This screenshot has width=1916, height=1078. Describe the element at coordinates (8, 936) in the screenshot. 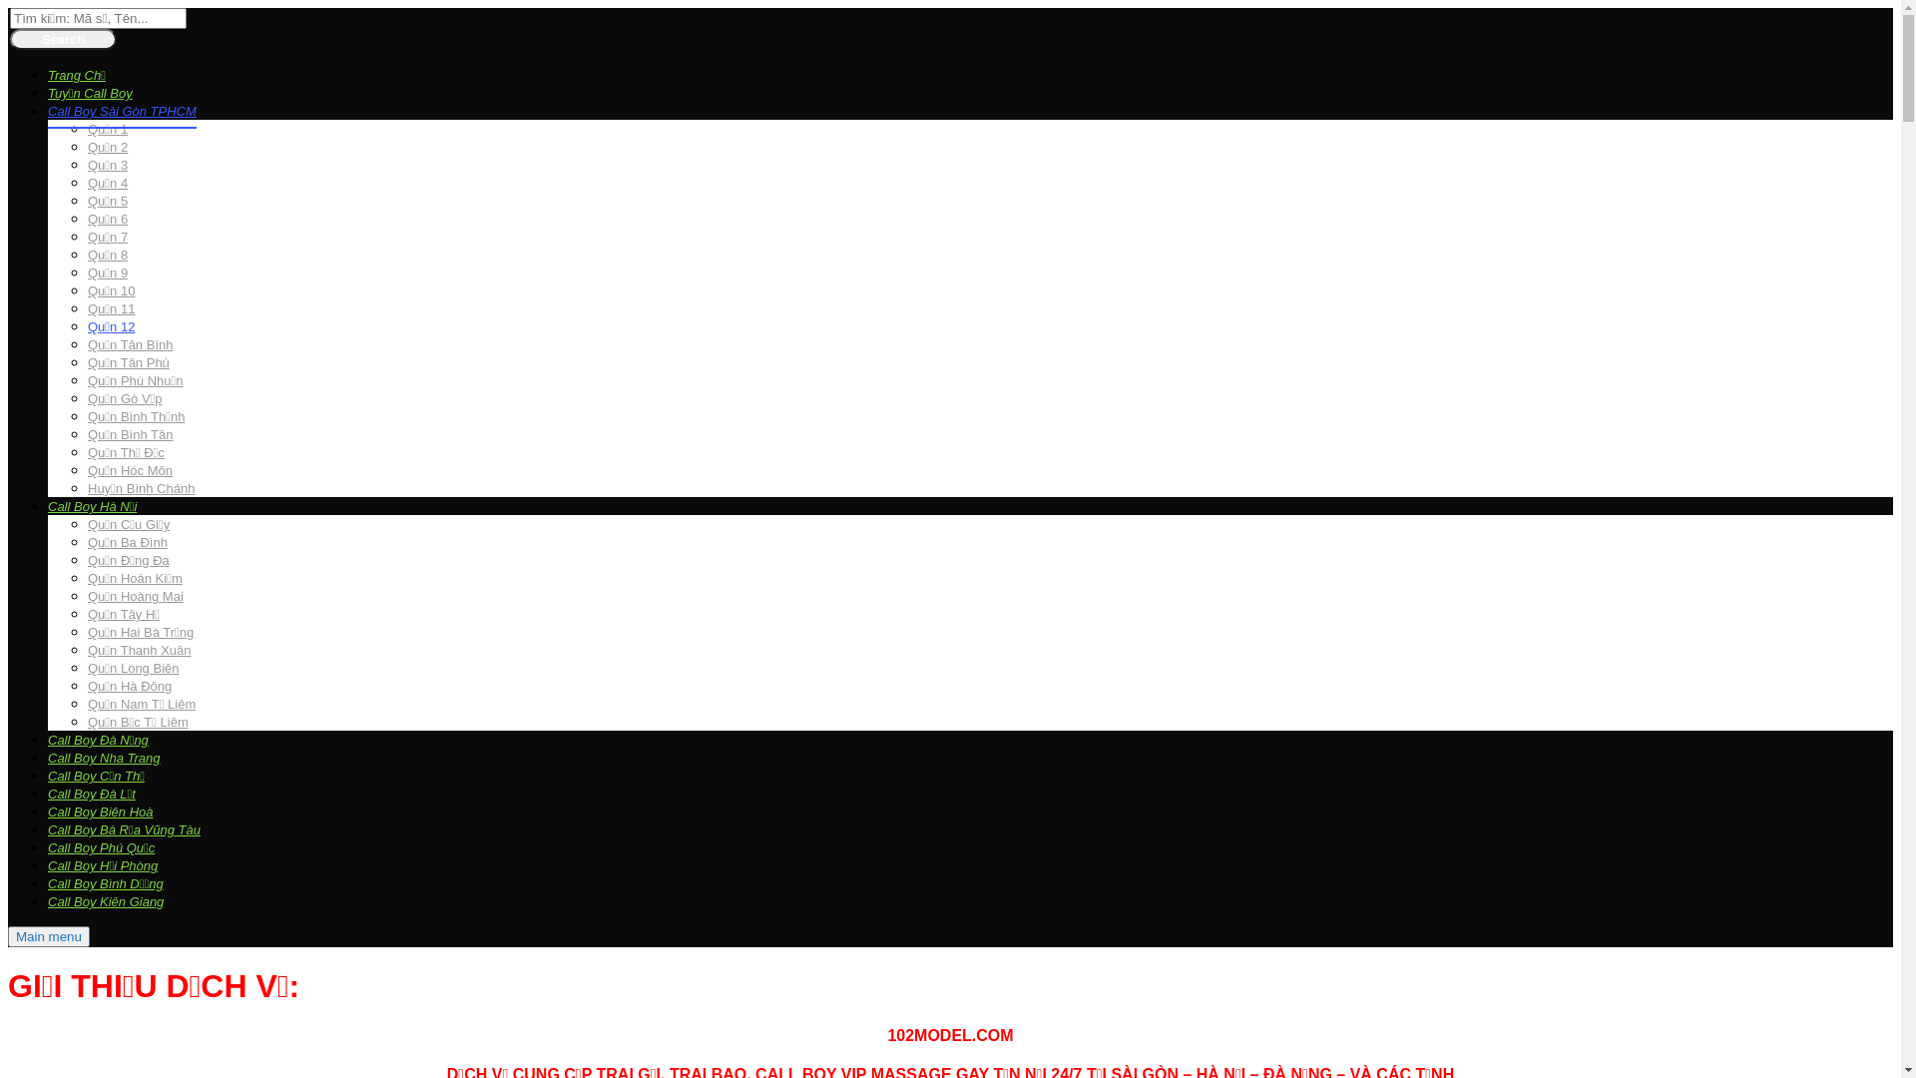

I see `'Main menu'` at that location.